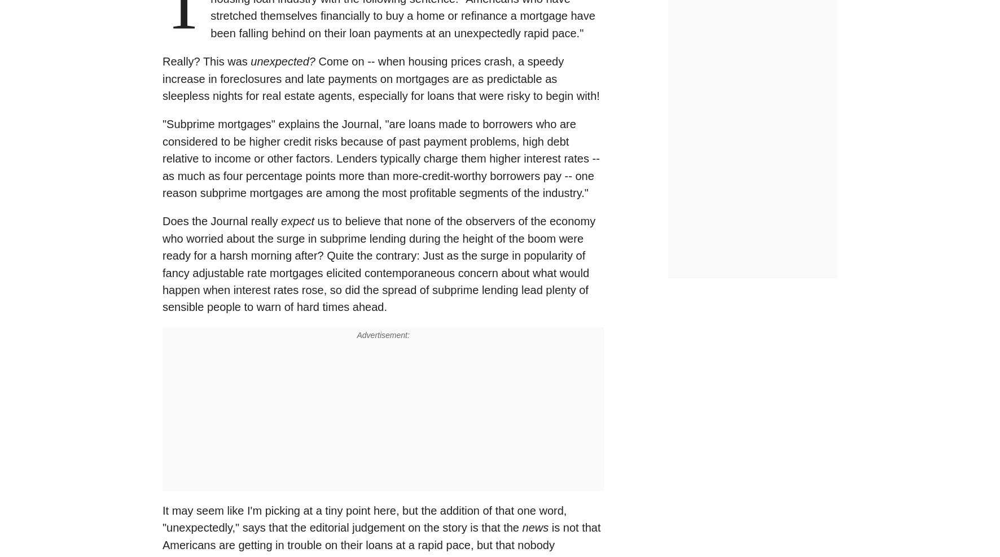 The width and height of the screenshot is (1000, 557). What do you see at coordinates (365, 519) in the screenshot?
I see `'It may seem like I'm picking at a tiny point here, but the addition of that one word, "unexpectedly," says that the editorial judgement on the story is that the'` at bounding box center [365, 519].